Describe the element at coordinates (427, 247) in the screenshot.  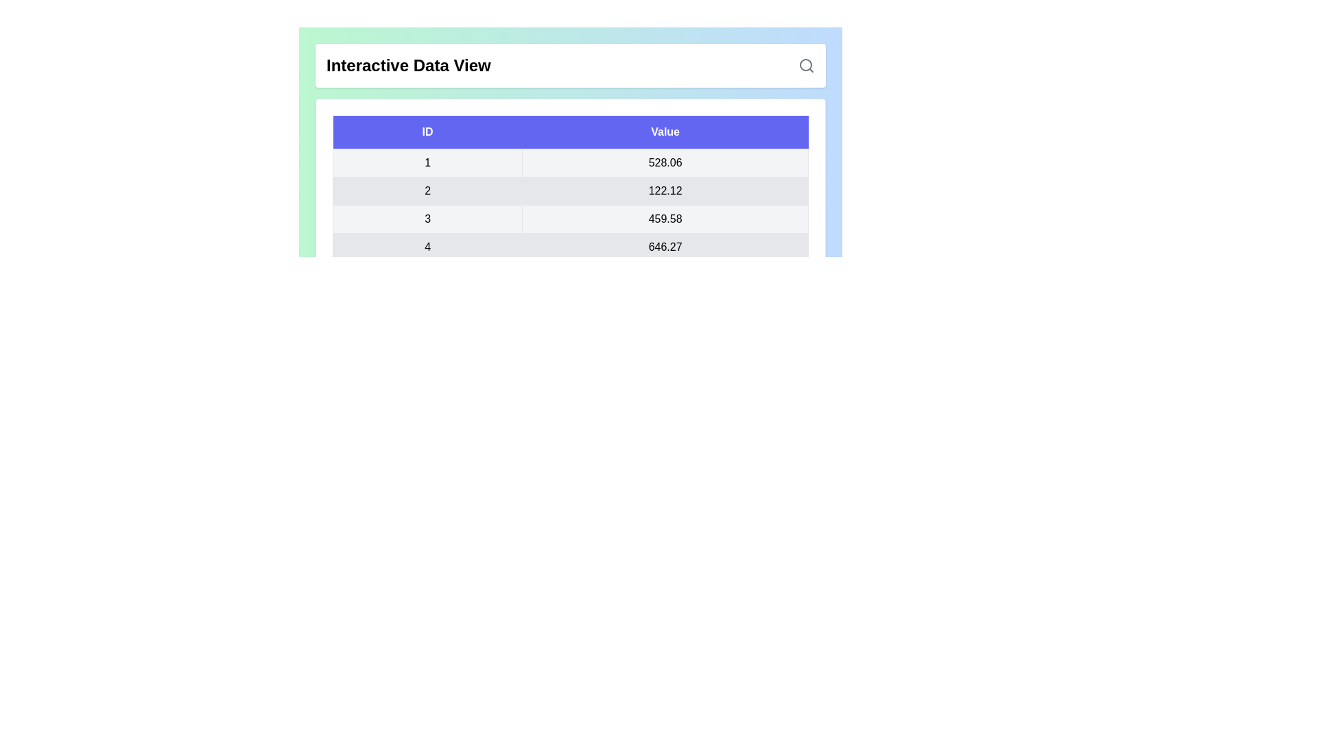
I see `the row corresponding to the ID 4 to view its details` at that location.